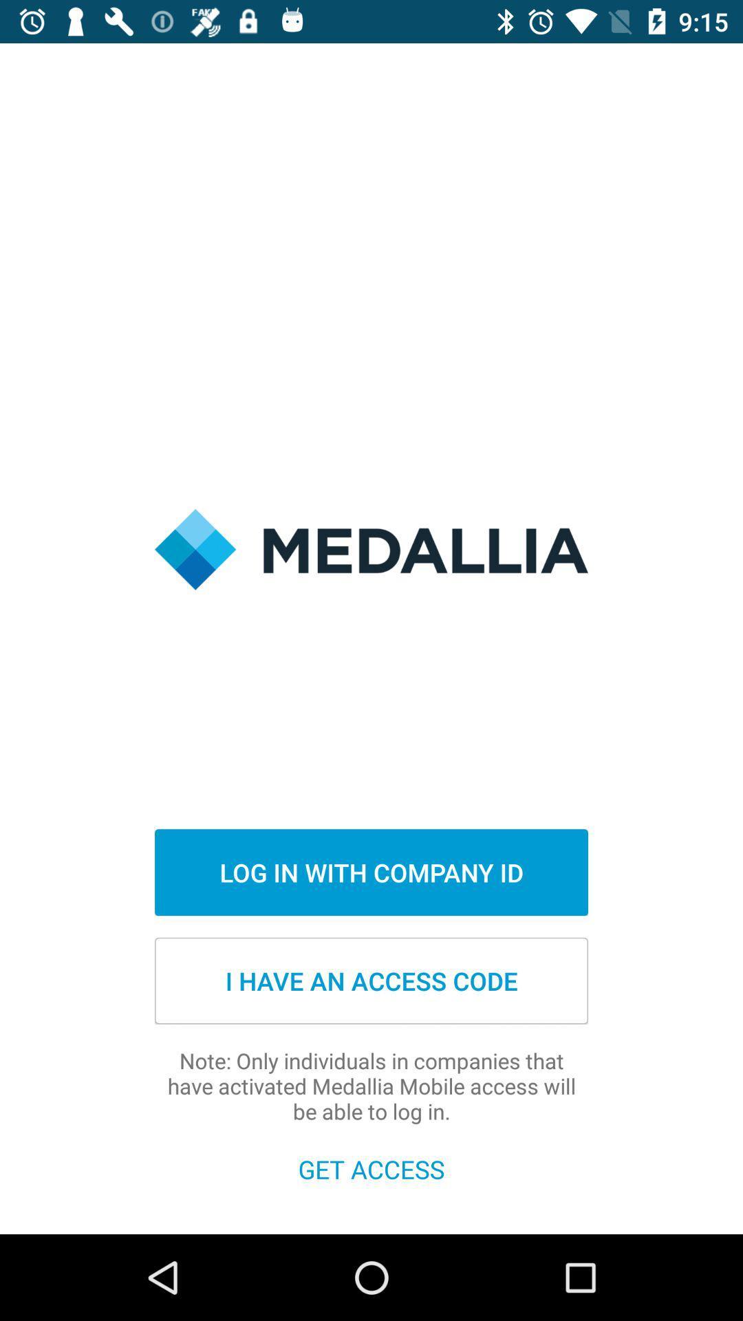 The height and width of the screenshot is (1321, 743). Describe the element at coordinates (371, 980) in the screenshot. I see `i have an` at that location.